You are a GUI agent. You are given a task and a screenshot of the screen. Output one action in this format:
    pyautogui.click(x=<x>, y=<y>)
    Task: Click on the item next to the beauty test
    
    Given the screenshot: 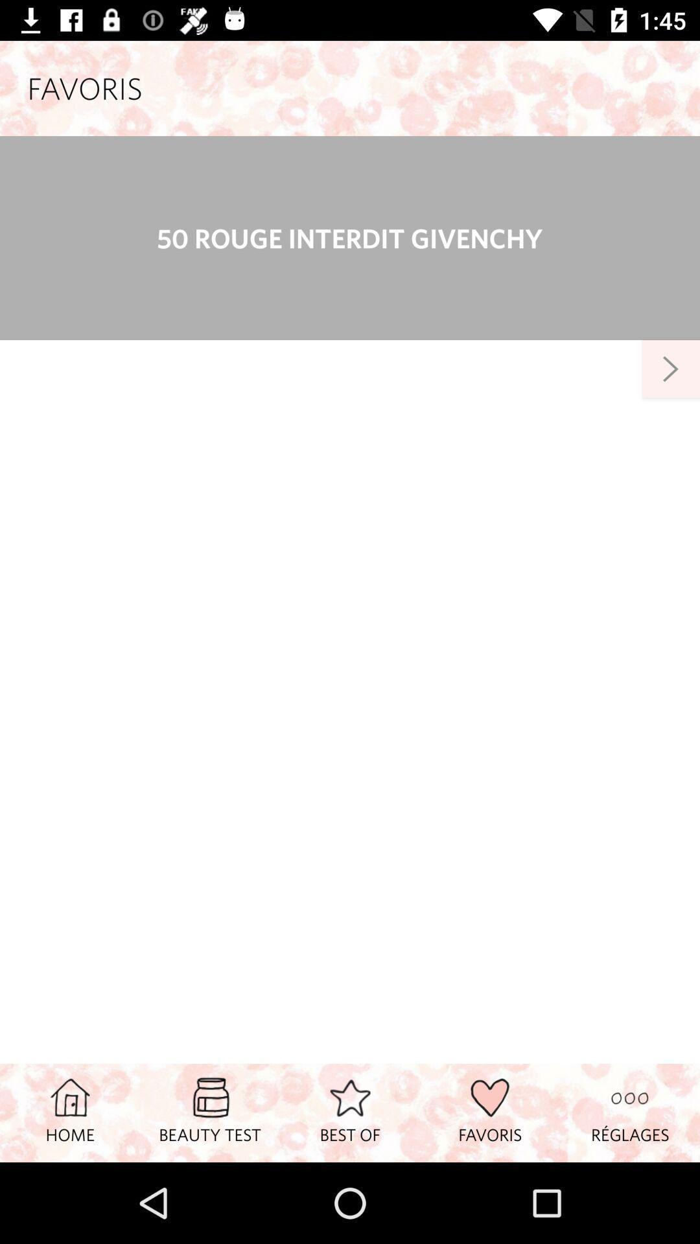 What is the action you would take?
    pyautogui.click(x=70, y=1112)
    